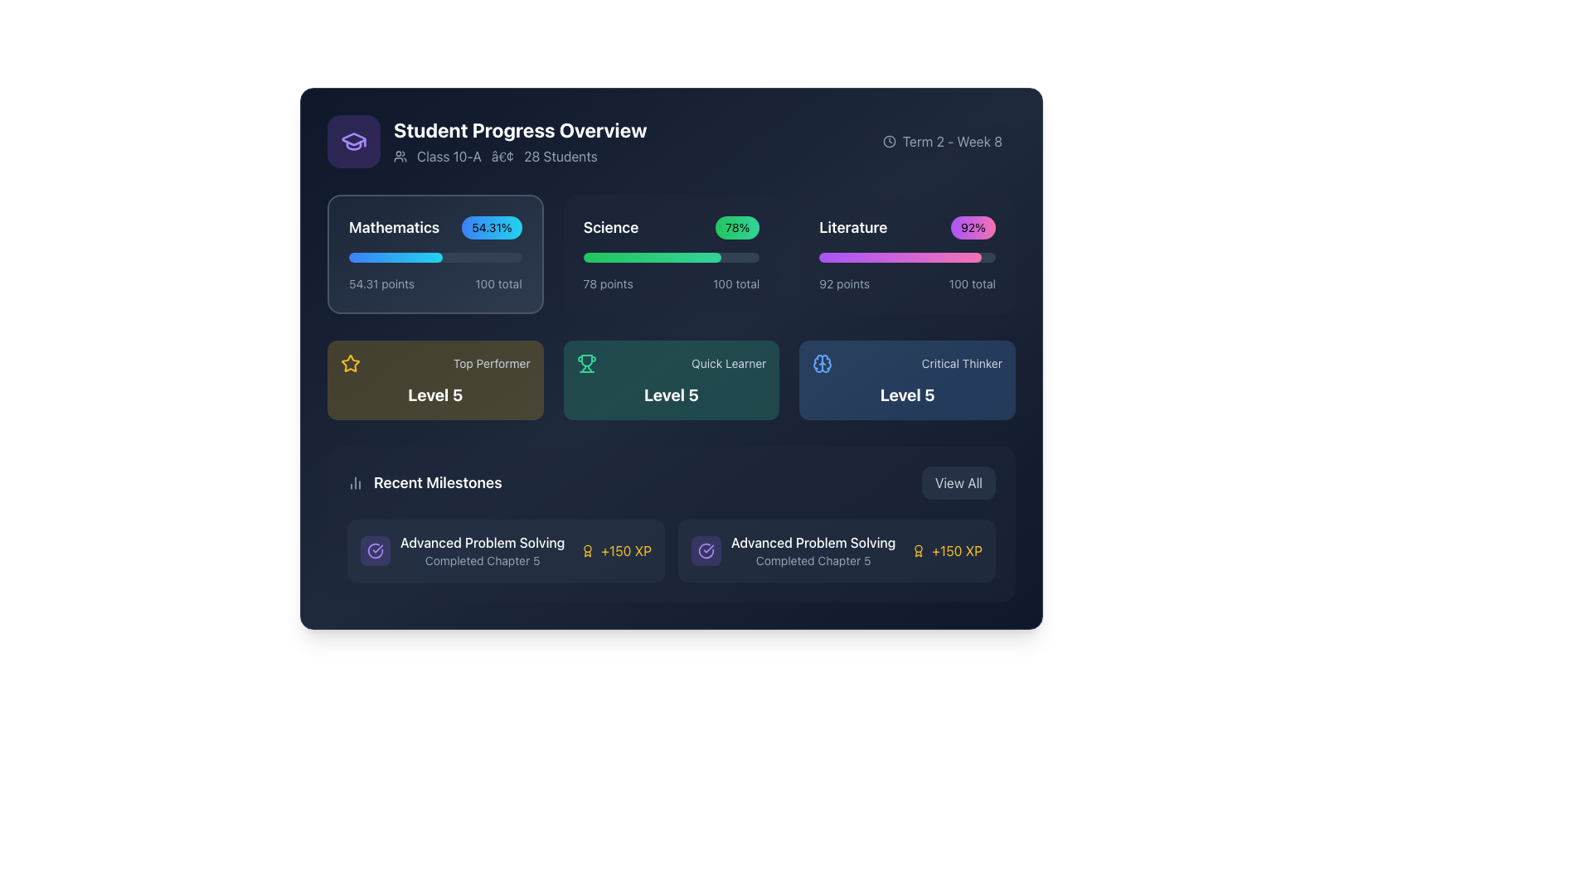  What do you see at coordinates (374, 550) in the screenshot?
I see `the completed state SVG graphical icon component, which is centrally located within a purple badge-like background` at bounding box center [374, 550].